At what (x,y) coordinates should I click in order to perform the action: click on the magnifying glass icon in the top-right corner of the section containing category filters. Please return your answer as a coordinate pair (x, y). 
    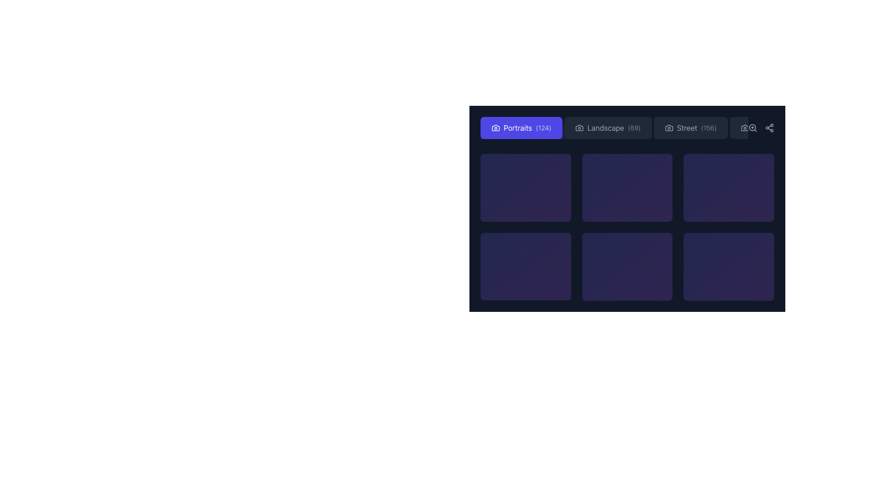
    Looking at the image, I should click on (761, 128).